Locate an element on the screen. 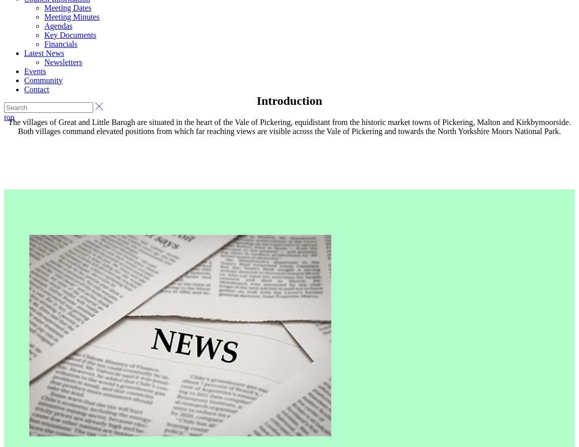  'Latest News' is located at coordinates (43, 52).